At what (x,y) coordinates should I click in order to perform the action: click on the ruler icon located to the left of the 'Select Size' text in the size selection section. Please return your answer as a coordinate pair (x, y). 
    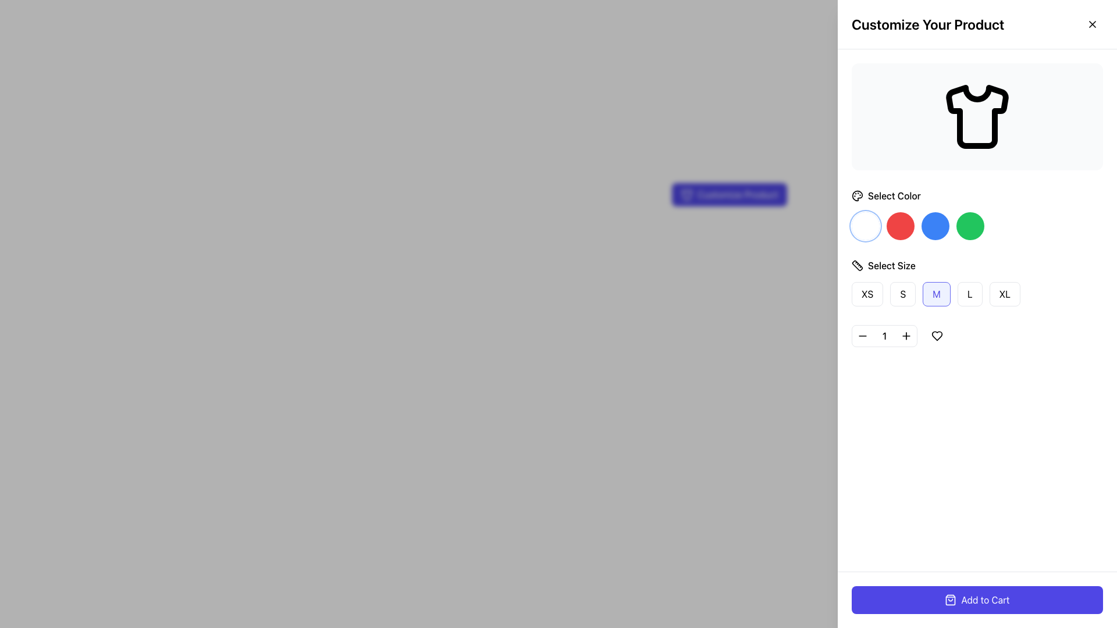
    Looking at the image, I should click on (857, 265).